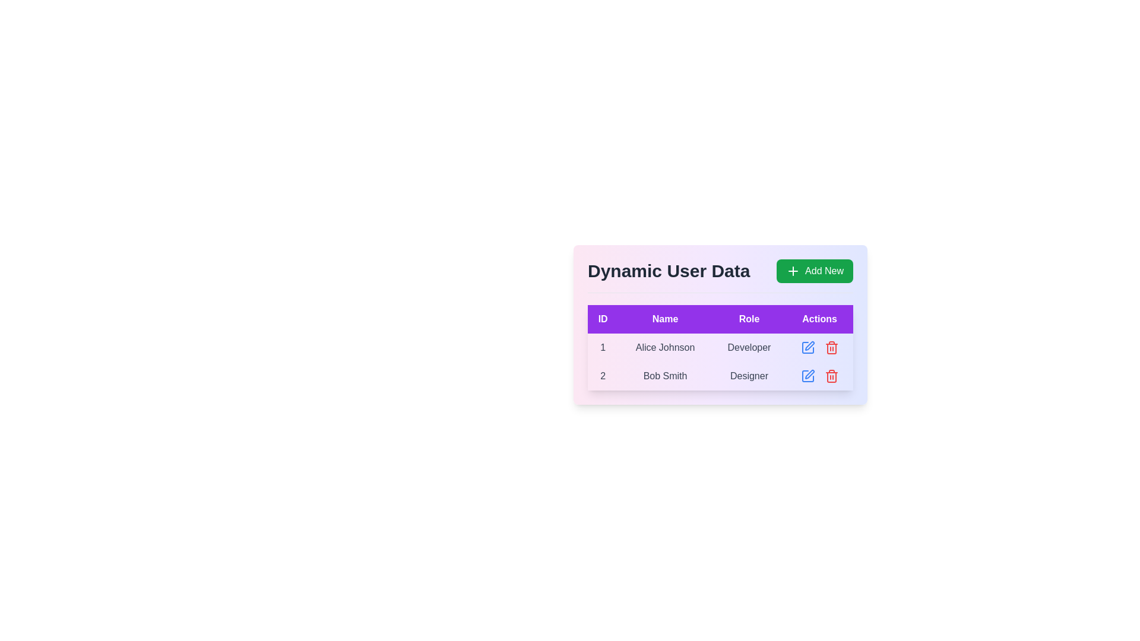 The width and height of the screenshot is (1140, 641). Describe the element at coordinates (807, 376) in the screenshot. I see `the Edit button icon located in the Actions column of the second row in the table, aligned with 'Bob Smith'` at that location.